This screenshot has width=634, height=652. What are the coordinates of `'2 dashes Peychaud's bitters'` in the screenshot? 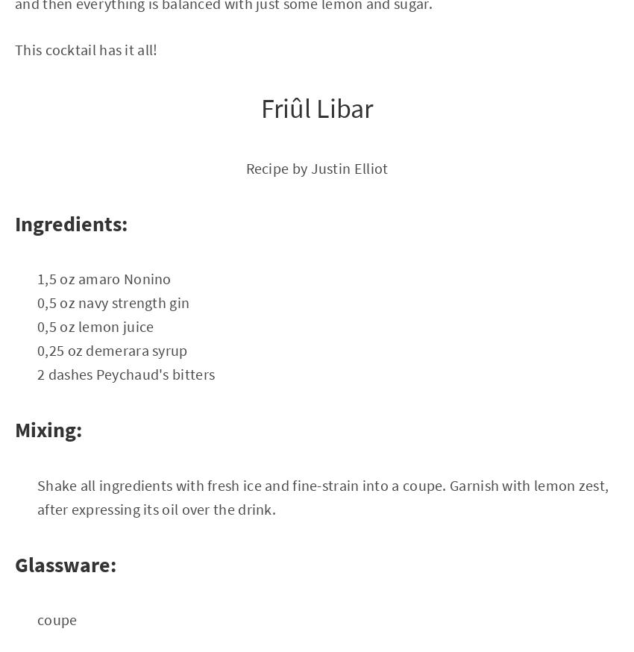 It's located at (125, 373).